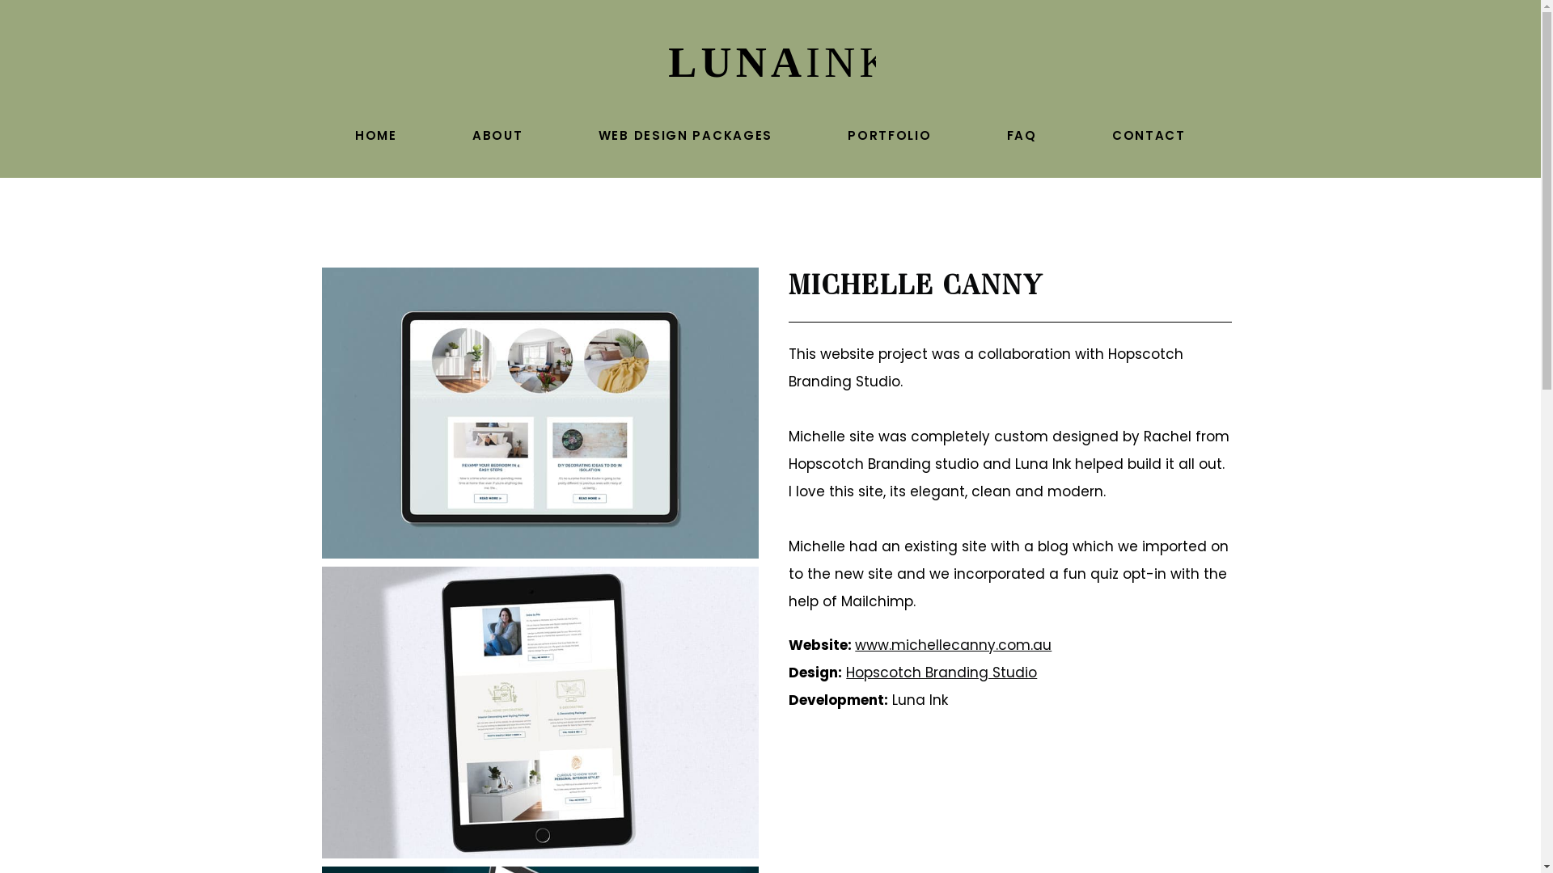 This screenshot has width=1553, height=873. What do you see at coordinates (684, 135) in the screenshot?
I see `'WEB DESIGN PACKAGES'` at bounding box center [684, 135].